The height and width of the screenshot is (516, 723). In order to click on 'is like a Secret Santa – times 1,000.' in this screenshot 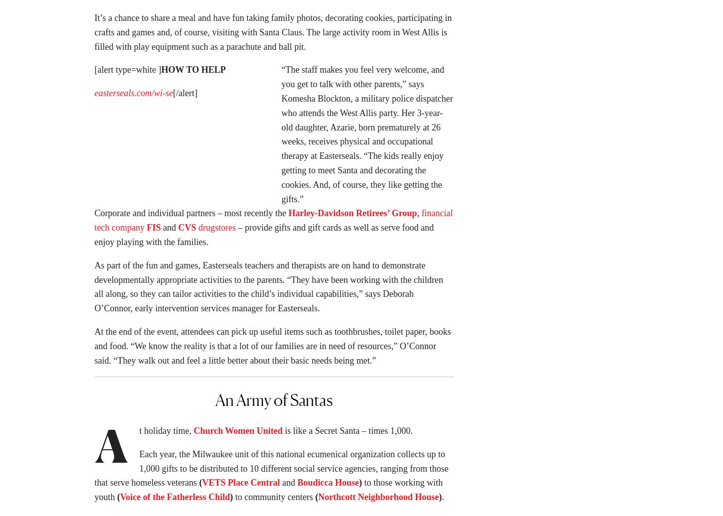, I will do `click(348, 433)`.